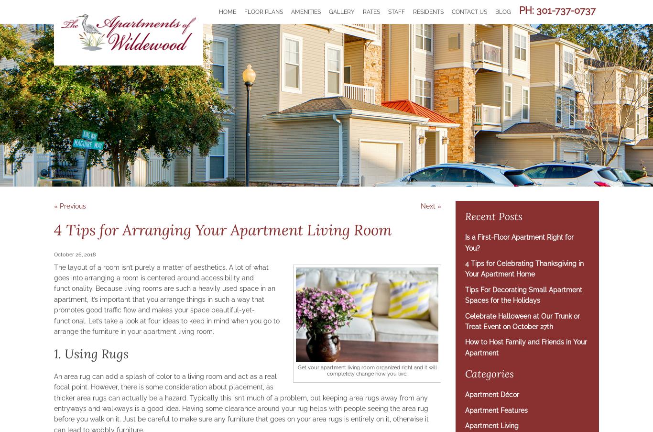  What do you see at coordinates (74, 254) in the screenshot?
I see `'October 26, 2018'` at bounding box center [74, 254].